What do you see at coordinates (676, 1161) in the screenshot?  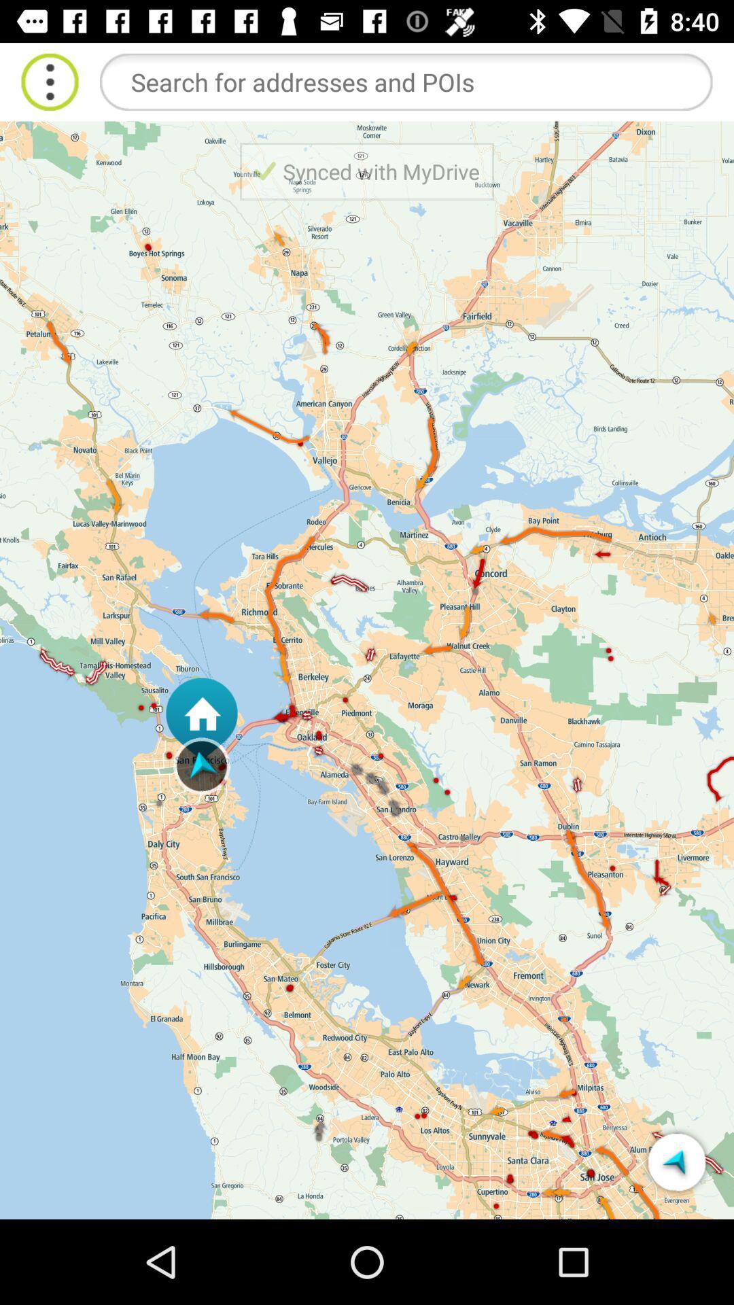 I see `the navigation icon` at bounding box center [676, 1161].